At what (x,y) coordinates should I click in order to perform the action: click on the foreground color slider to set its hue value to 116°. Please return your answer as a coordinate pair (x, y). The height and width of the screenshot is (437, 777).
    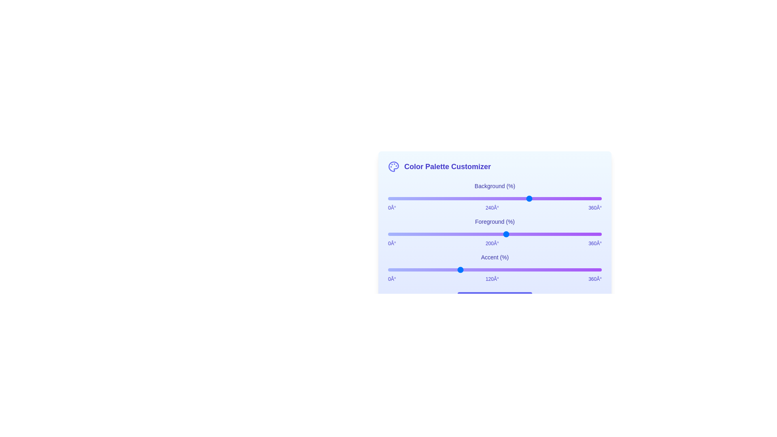
    Looking at the image, I should click on (457, 234).